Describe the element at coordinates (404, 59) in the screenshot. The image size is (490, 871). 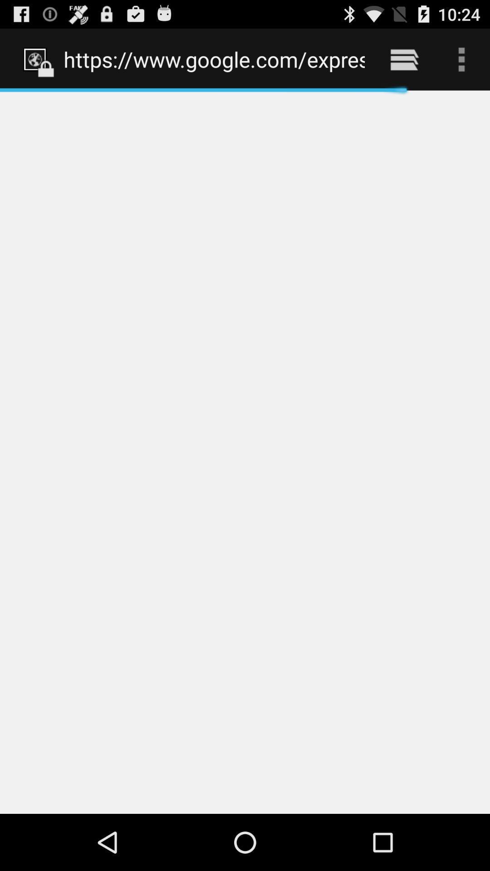
I see `icon next to https www google` at that location.